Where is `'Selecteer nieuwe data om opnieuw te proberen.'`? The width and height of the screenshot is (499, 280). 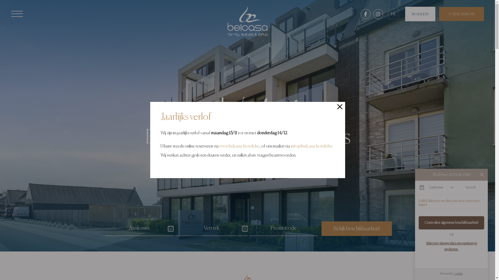 'Selecteer nieuwe data om opnieuw te proberen.' is located at coordinates (451, 246).